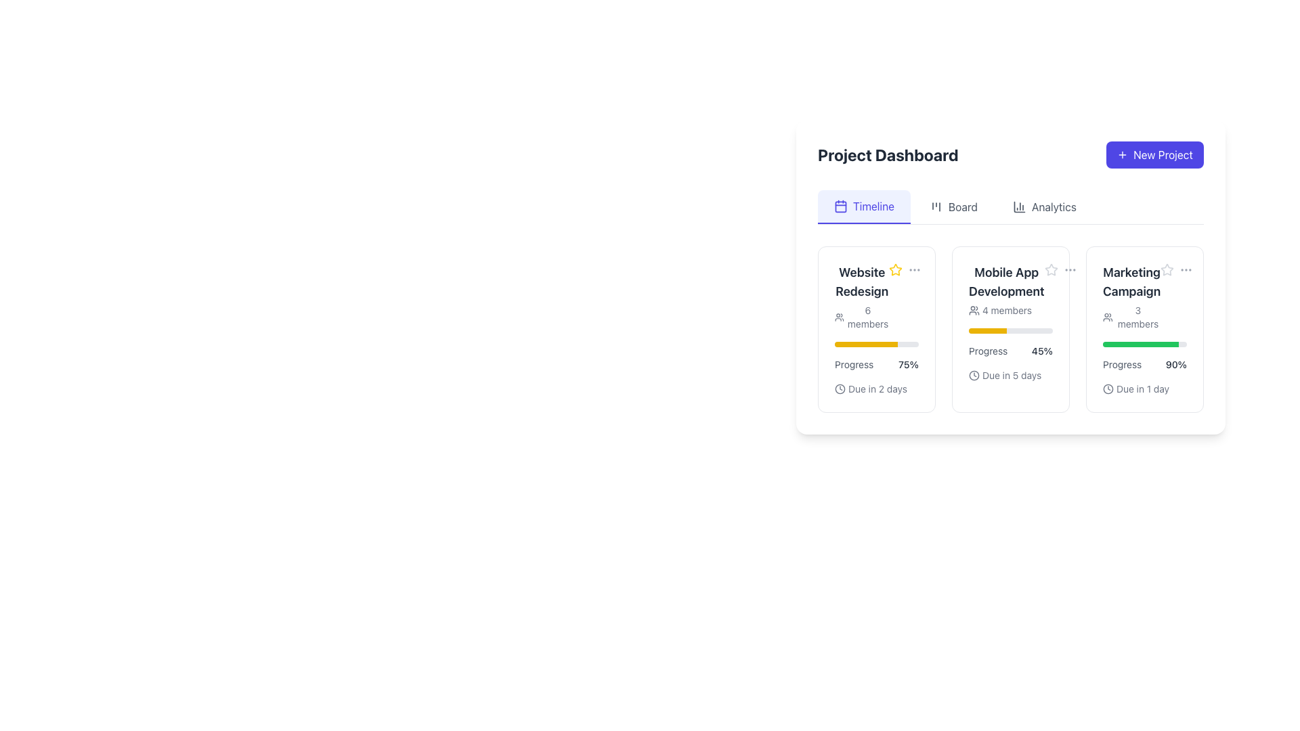  I want to click on the time icon that is the first component of the 'Due in 2 days' label on the 'Website Redesign' project card in the dashboard, so click(840, 389).